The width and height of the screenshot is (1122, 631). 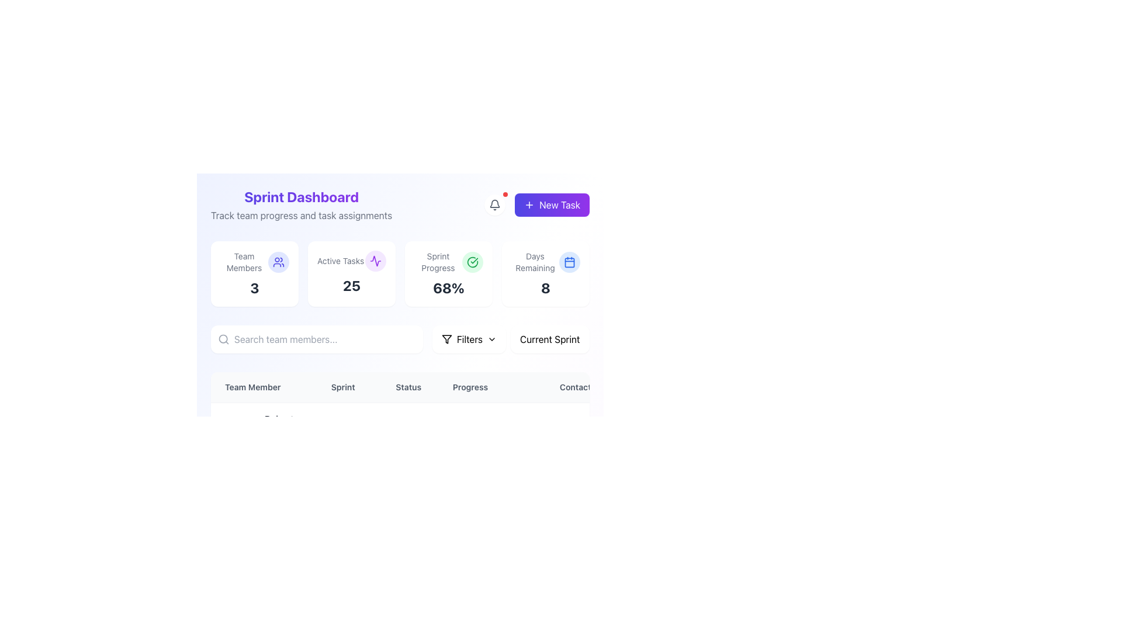 I want to click on the 'Team Members' text label, which is displayed in small gray font and is located in the upper-left section of the dashboard layout, so click(x=243, y=261).